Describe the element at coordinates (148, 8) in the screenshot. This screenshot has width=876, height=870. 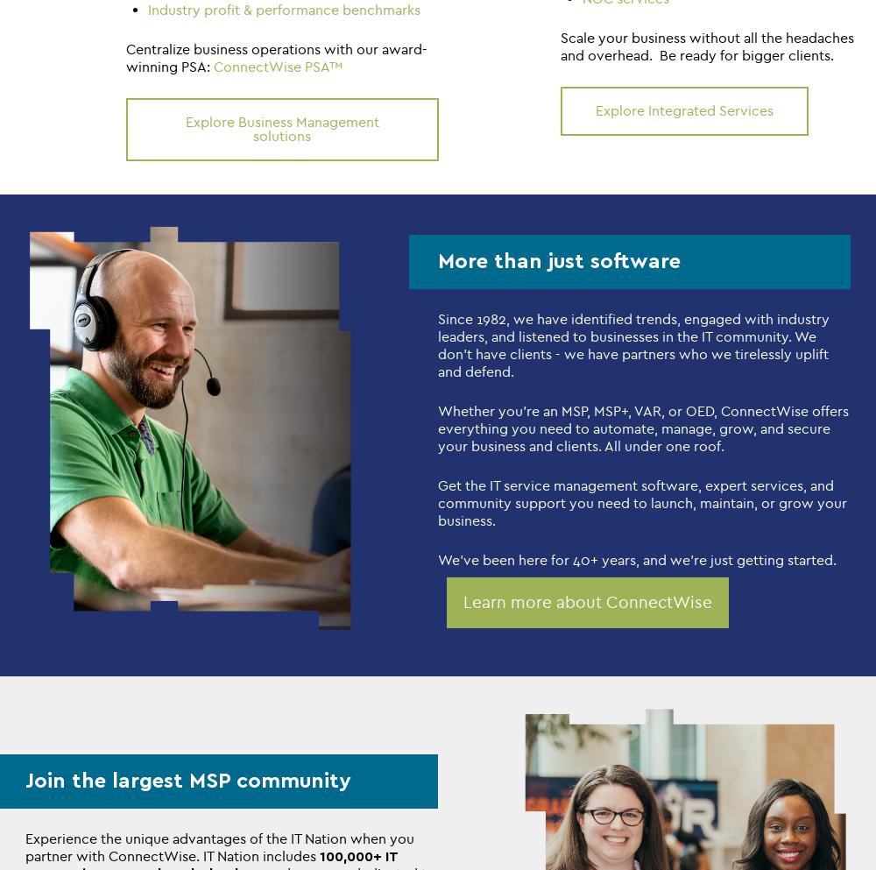
I see `'Industry profit & performance benchmarks'` at that location.